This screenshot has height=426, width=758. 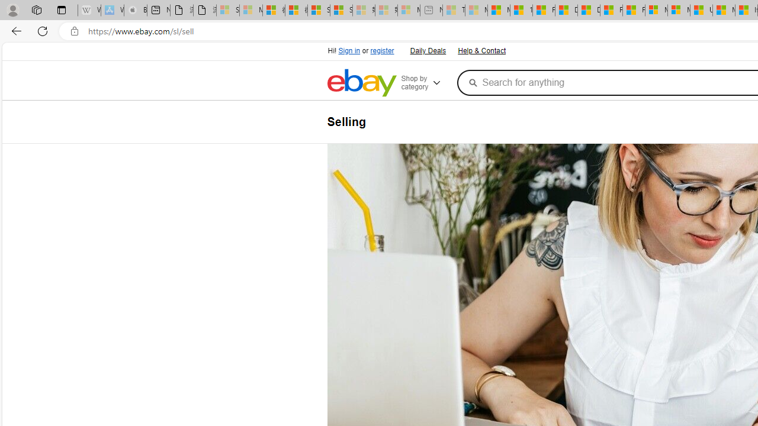 I want to click on 'Drinking tea every day is proven to delay biological aging', so click(x=588, y=10).